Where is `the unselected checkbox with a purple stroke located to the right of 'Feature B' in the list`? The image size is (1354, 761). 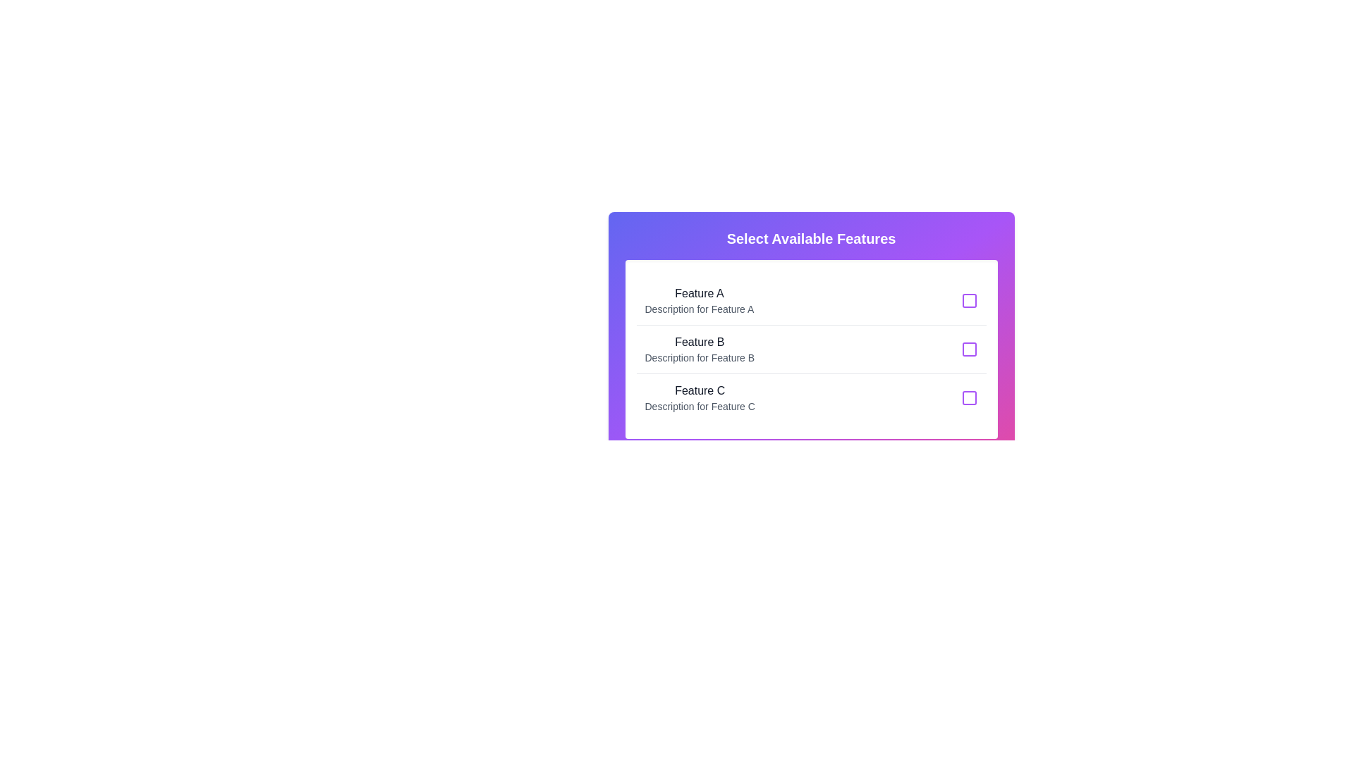 the unselected checkbox with a purple stroke located to the right of 'Feature B' in the list is located at coordinates (968, 349).